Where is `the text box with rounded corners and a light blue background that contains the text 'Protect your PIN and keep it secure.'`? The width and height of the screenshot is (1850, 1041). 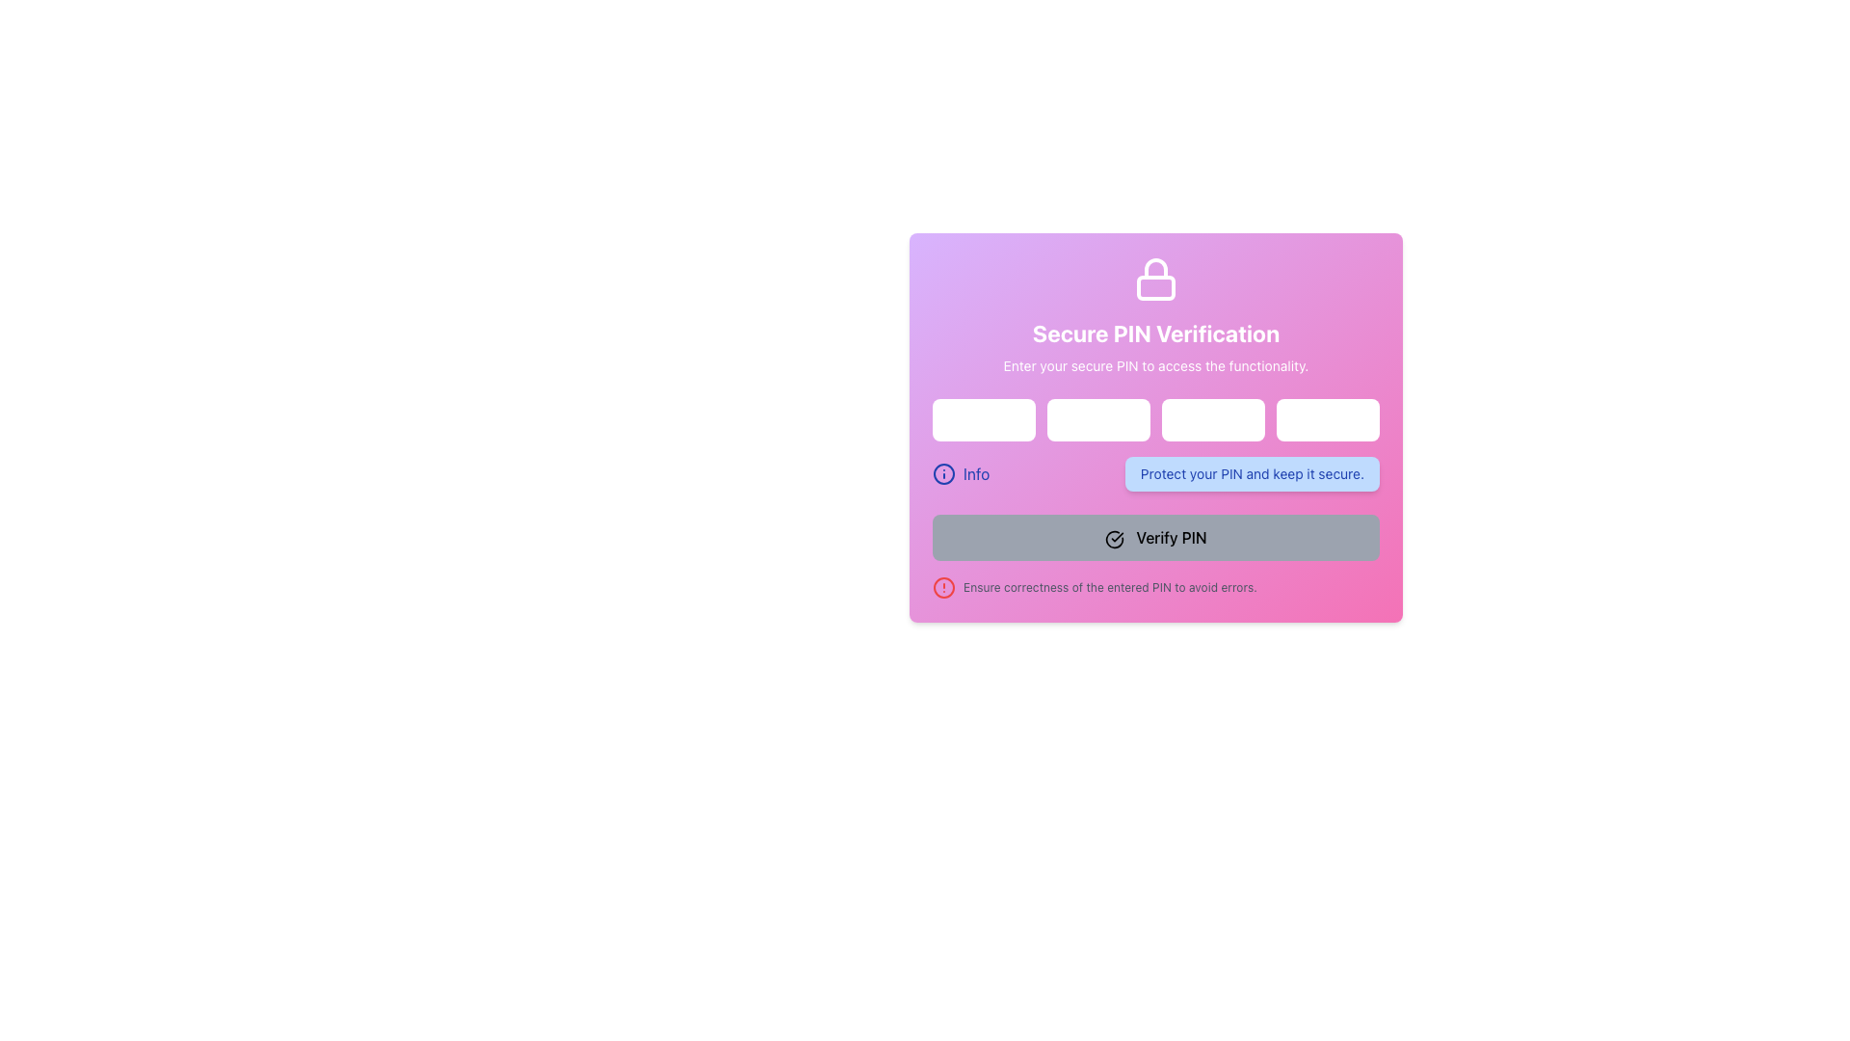
the text box with rounded corners and a light blue background that contains the text 'Protect your PIN and keep it secure.' is located at coordinates (1253, 474).